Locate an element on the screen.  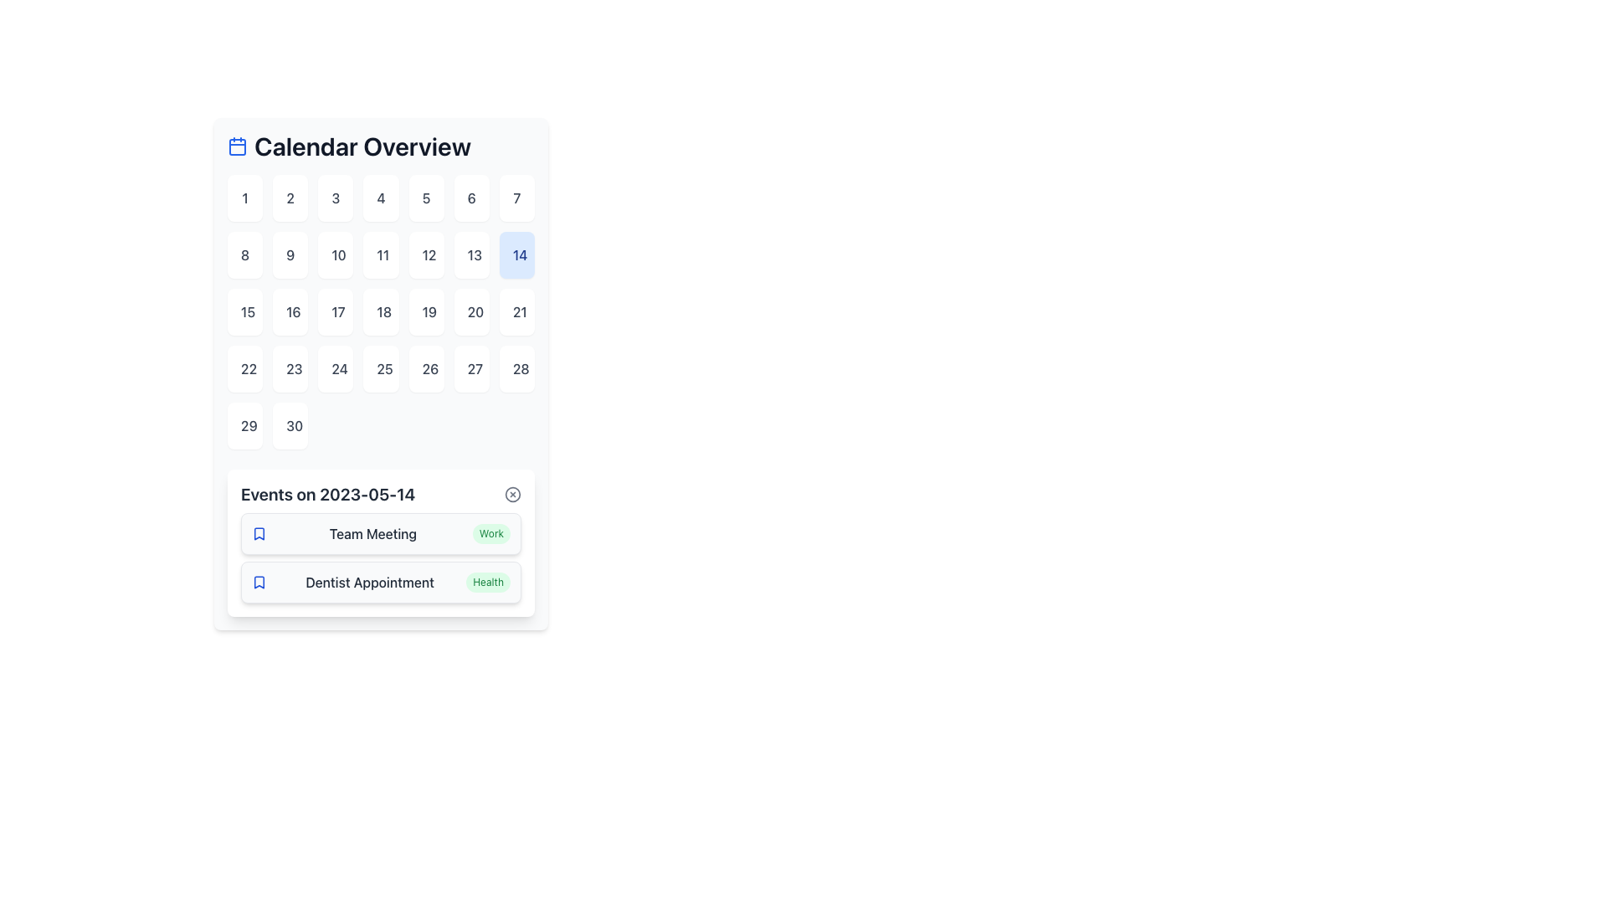
the first event item displaying 'Team Meeting' is located at coordinates (380, 533).